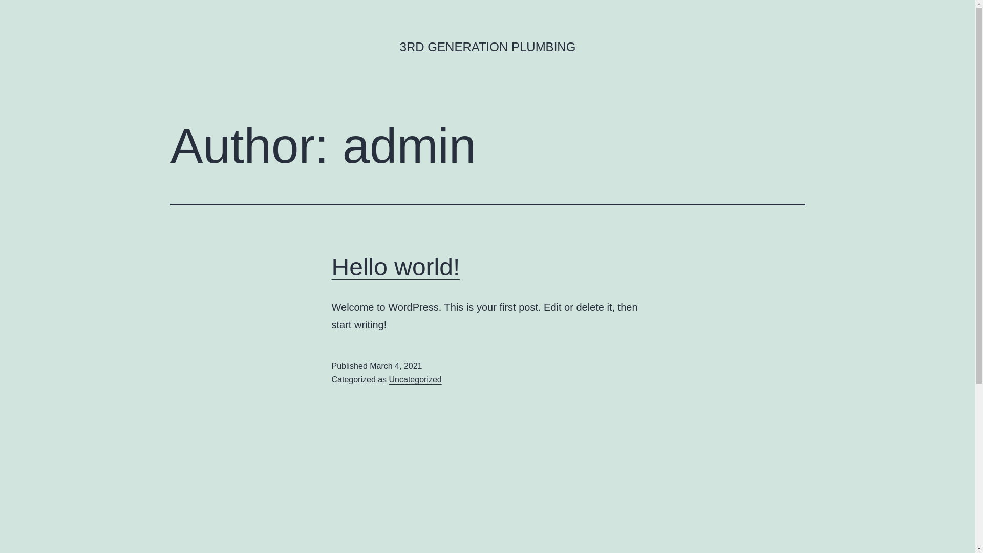  Describe the element at coordinates (388, 379) in the screenshot. I see `'Uncategorized'` at that location.